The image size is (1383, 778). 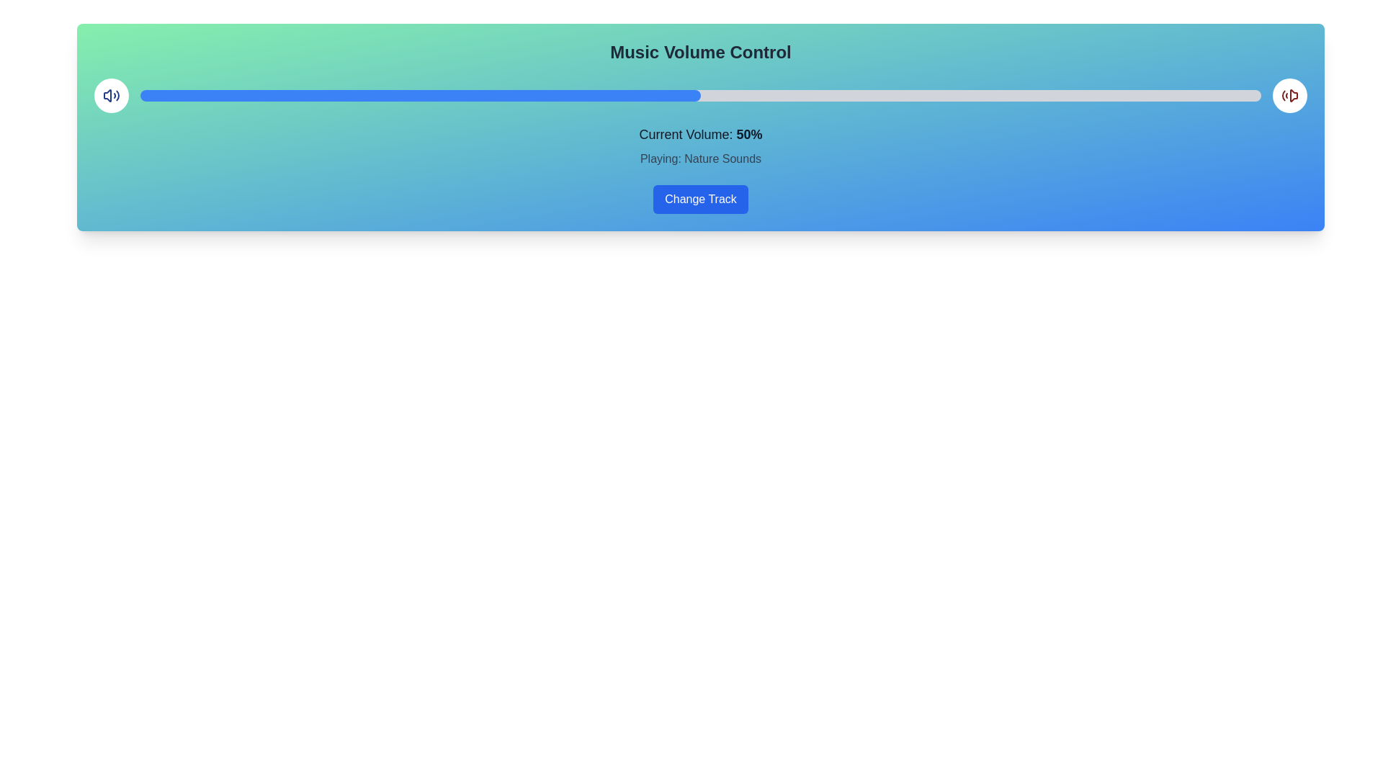 I want to click on the circular button with a white background and a red speaker icon located at the far right end of the horizontal volume control slider, so click(x=1289, y=95).